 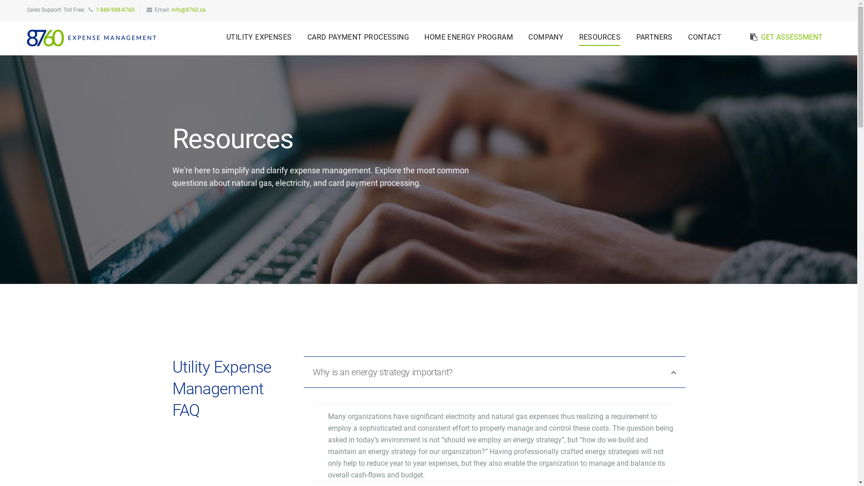 I want to click on 'UTILITY EXPENSES', so click(x=258, y=37).